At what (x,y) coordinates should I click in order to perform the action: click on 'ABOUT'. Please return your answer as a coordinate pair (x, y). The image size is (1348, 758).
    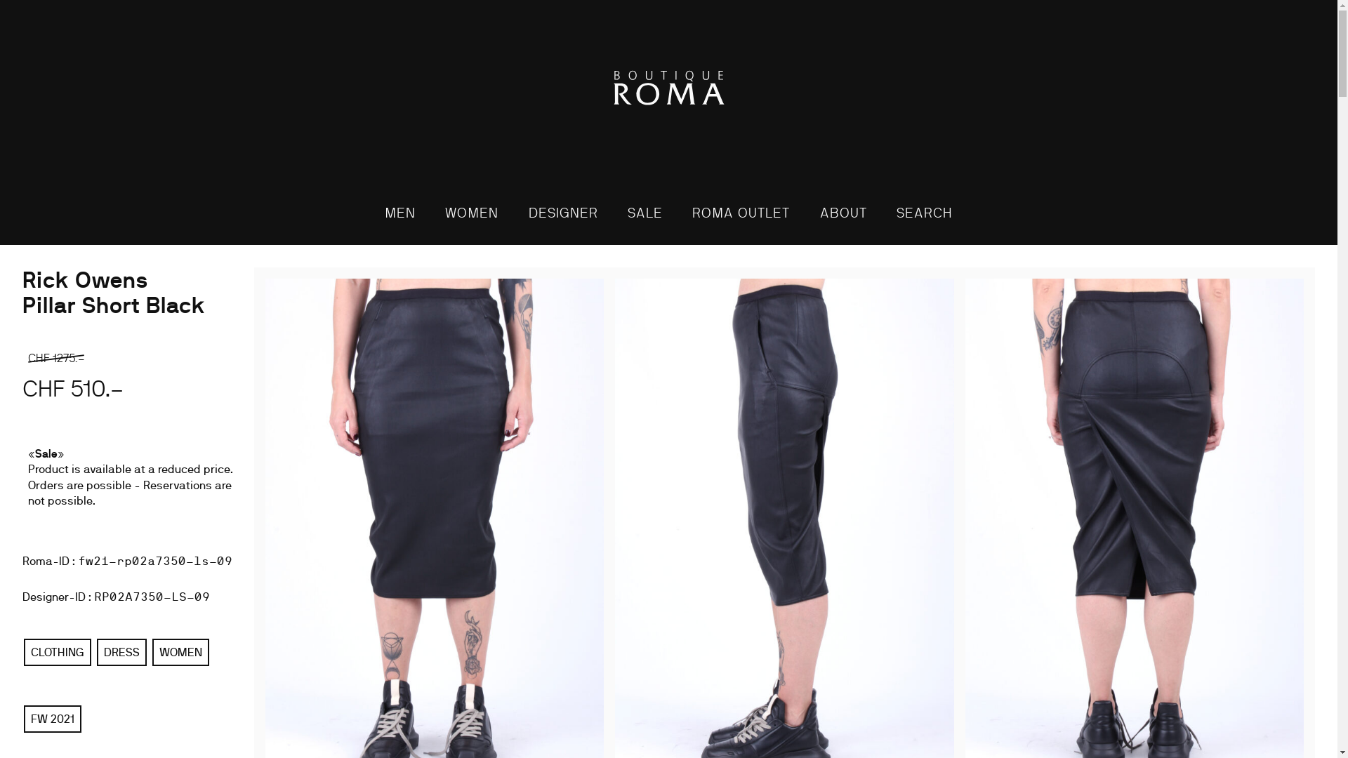
    Looking at the image, I should click on (806, 213).